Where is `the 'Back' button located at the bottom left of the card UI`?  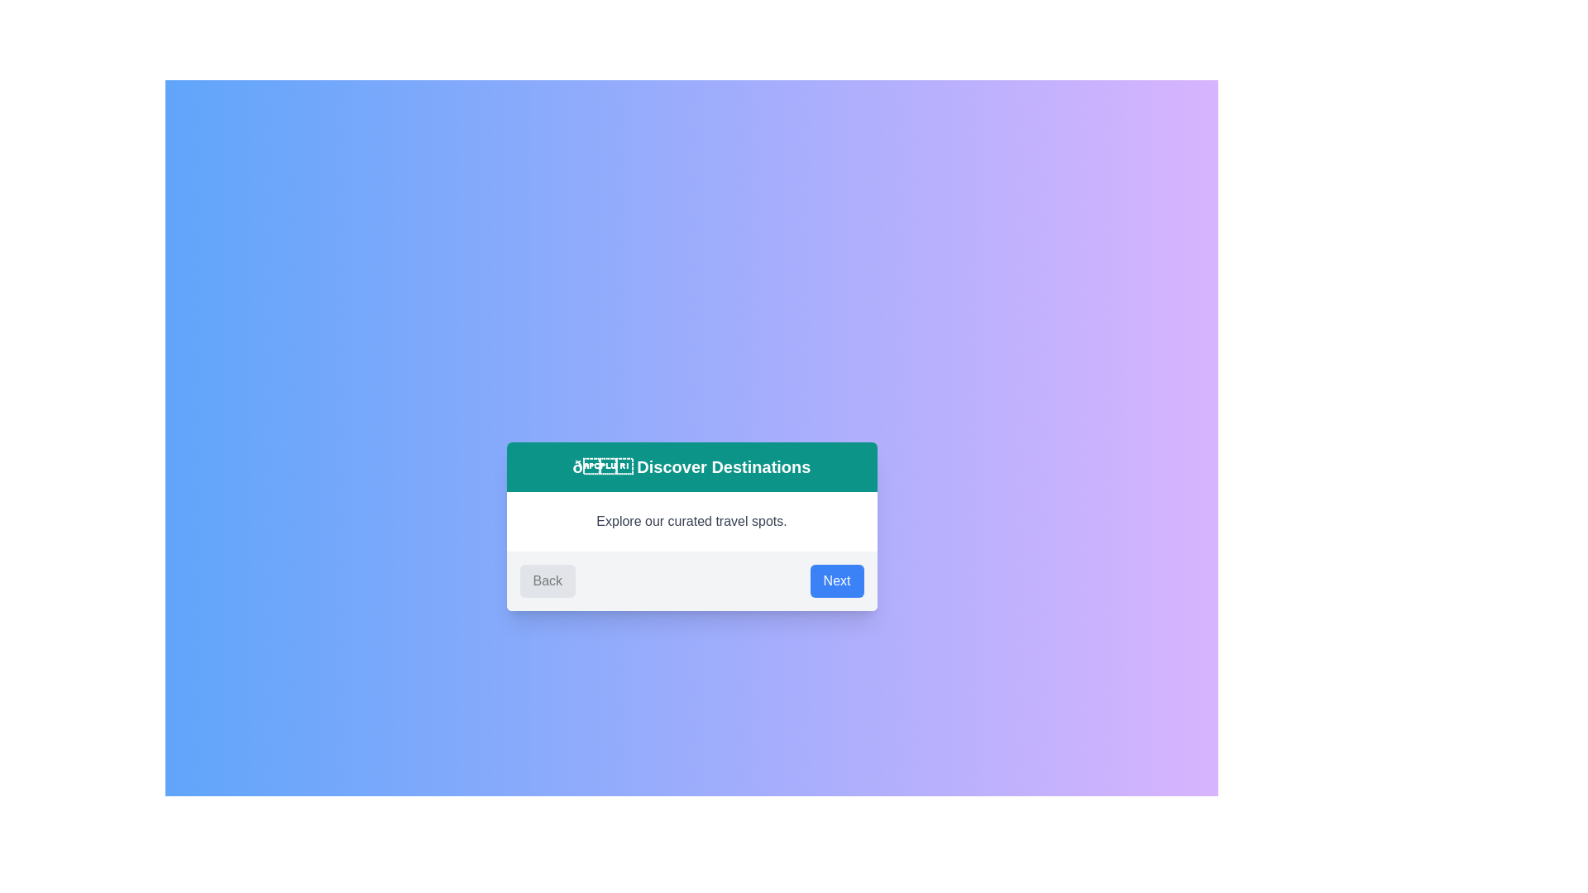 the 'Back' button located at the bottom left of the card UI is located at coordinates (548, 580).